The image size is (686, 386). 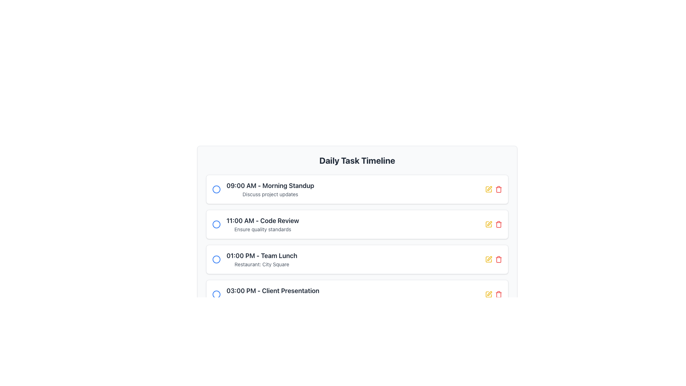 What do you see at coordinates (216, 224) in the screenshot?
I see `the blue-bordered circular checkbox icon associated with the task '11:00 AM - Code Review'` at bounding box center [216, 224].